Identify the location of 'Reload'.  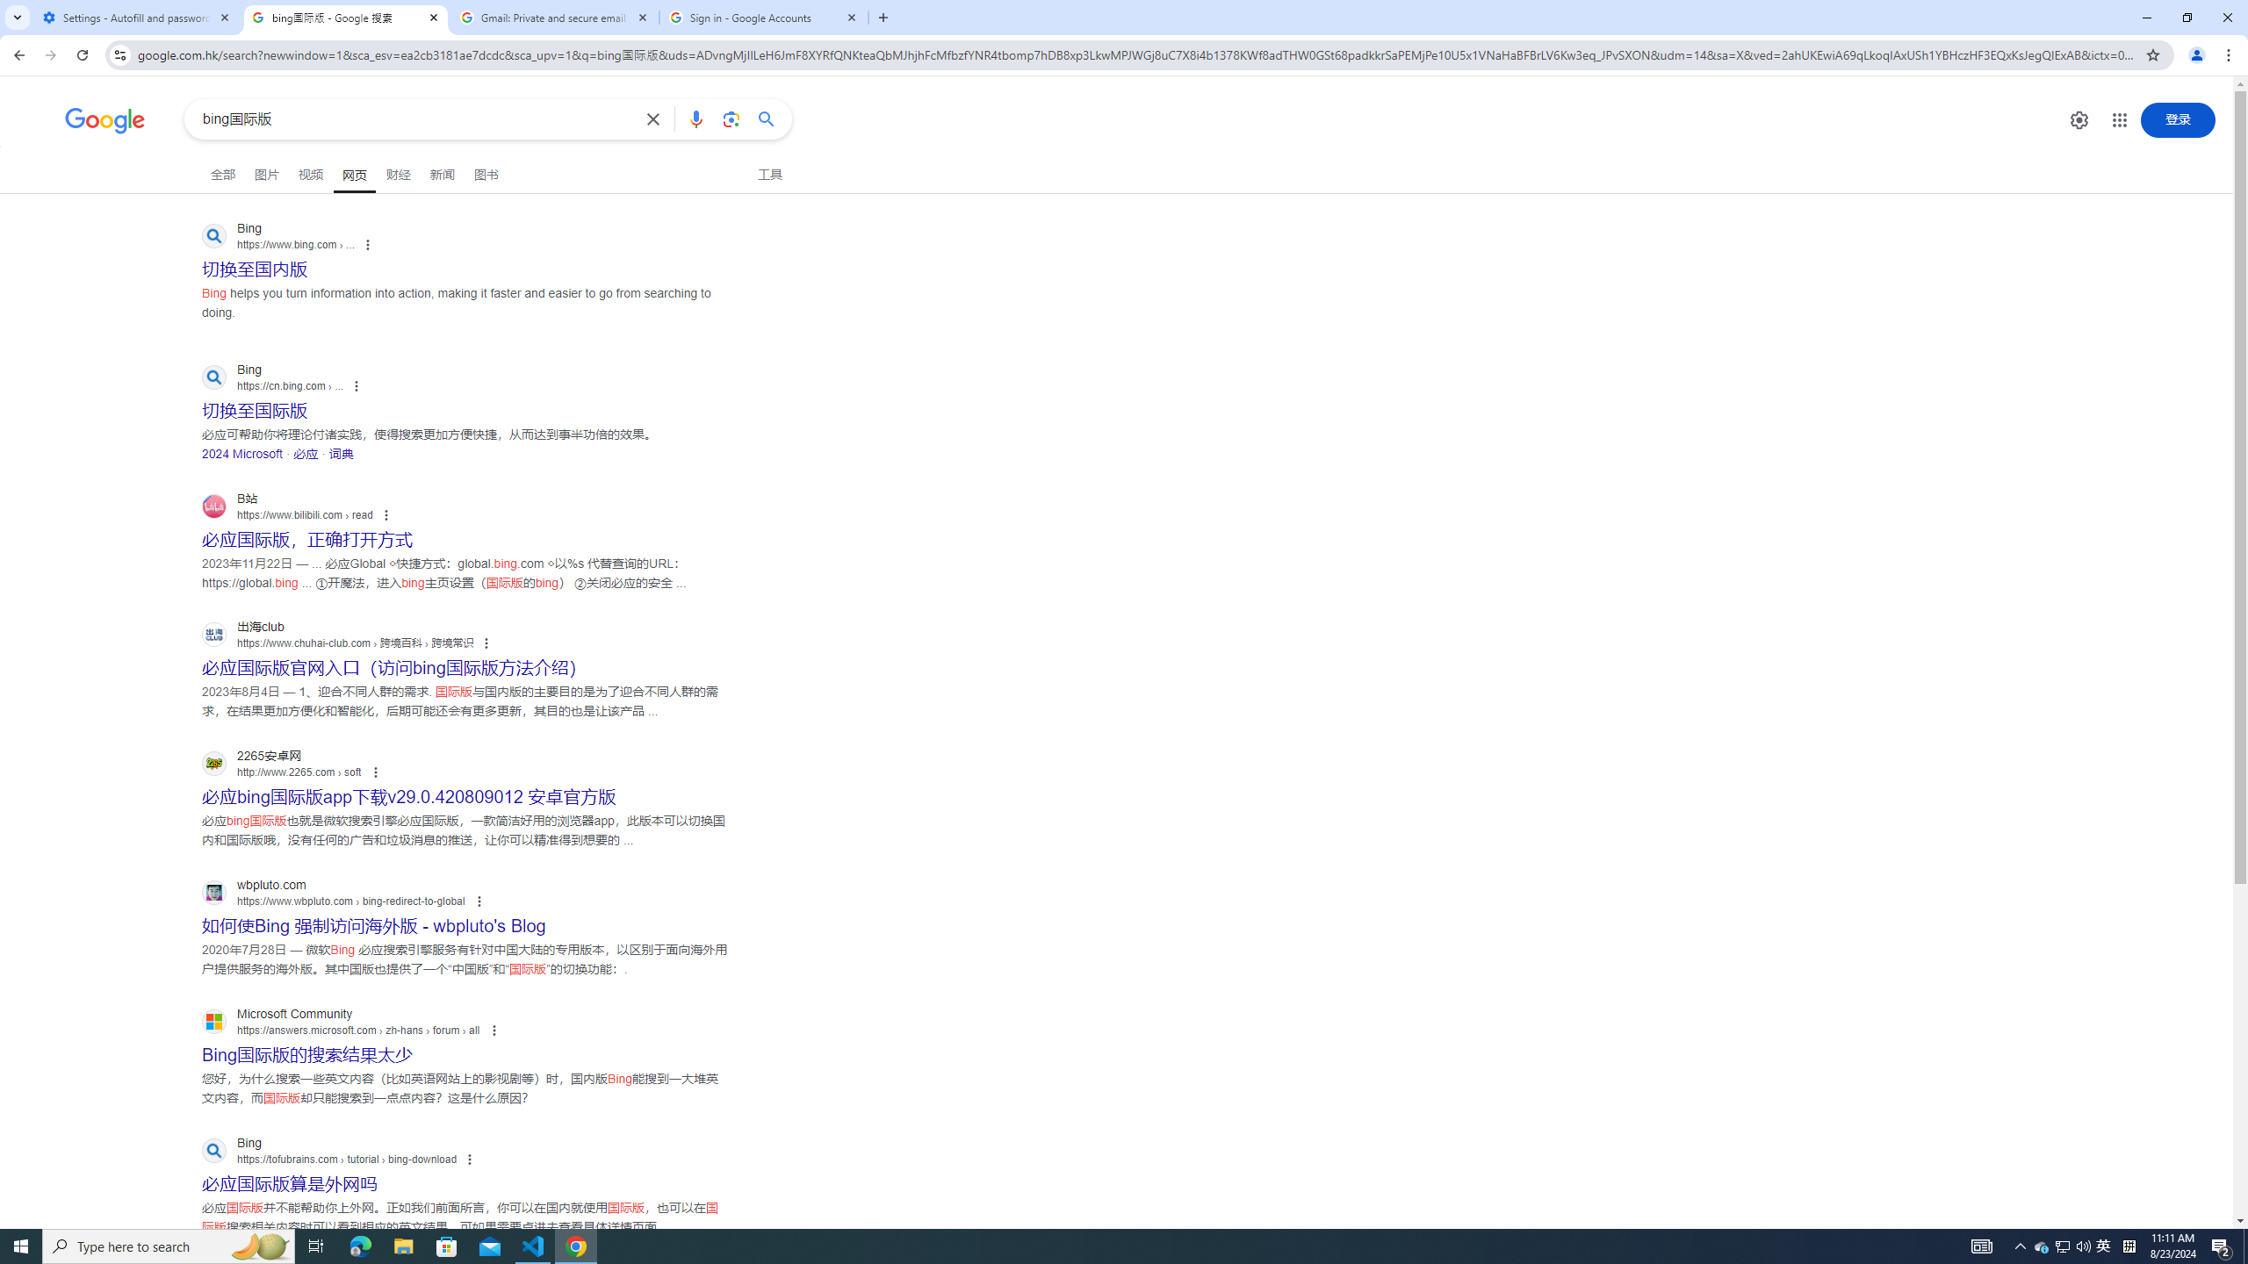
(82, 54).